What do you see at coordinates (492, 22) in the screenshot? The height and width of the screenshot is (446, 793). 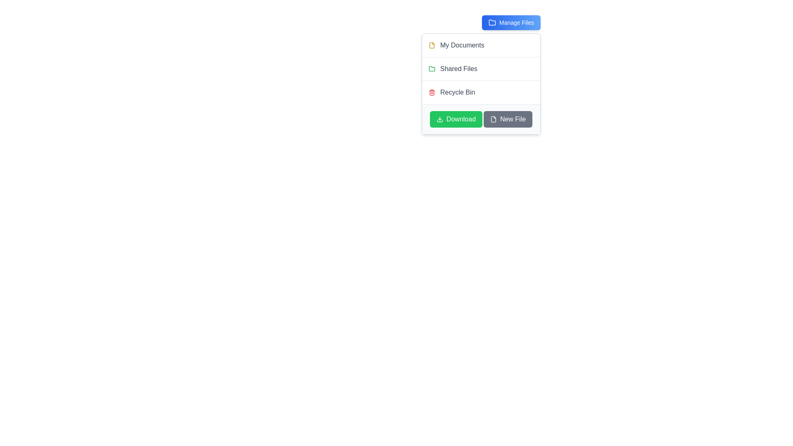 I see `the blue folder icon located in the 'Manage Files' dropdown menu, which is the first item in the list preceding 'My Documents'` at bounding box center [492, 22].